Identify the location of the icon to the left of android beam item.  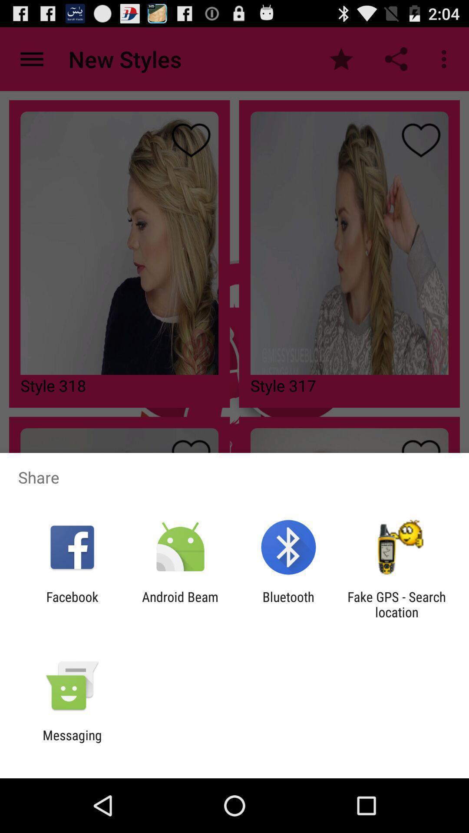
(72, 604).